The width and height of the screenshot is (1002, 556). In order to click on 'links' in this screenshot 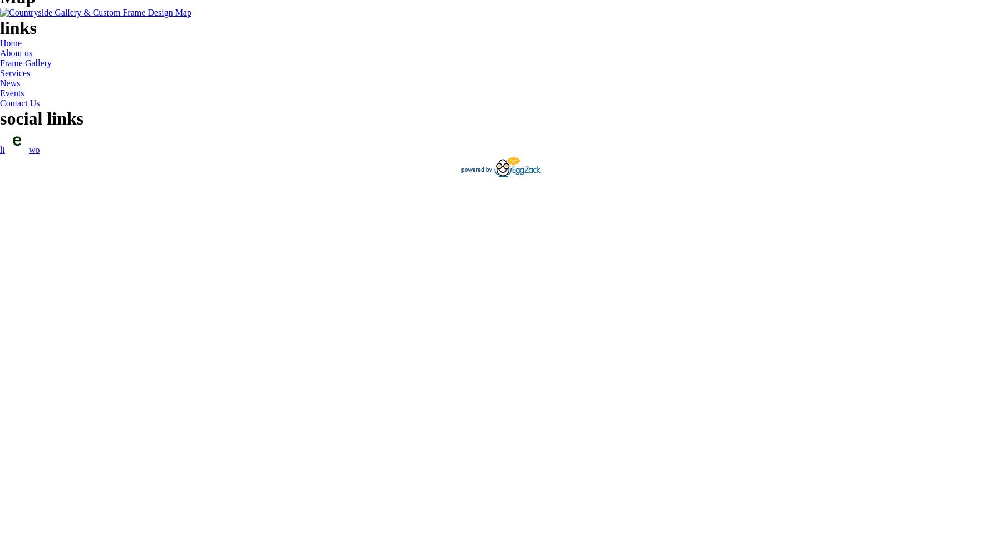, I will do `click(0, 28)`.